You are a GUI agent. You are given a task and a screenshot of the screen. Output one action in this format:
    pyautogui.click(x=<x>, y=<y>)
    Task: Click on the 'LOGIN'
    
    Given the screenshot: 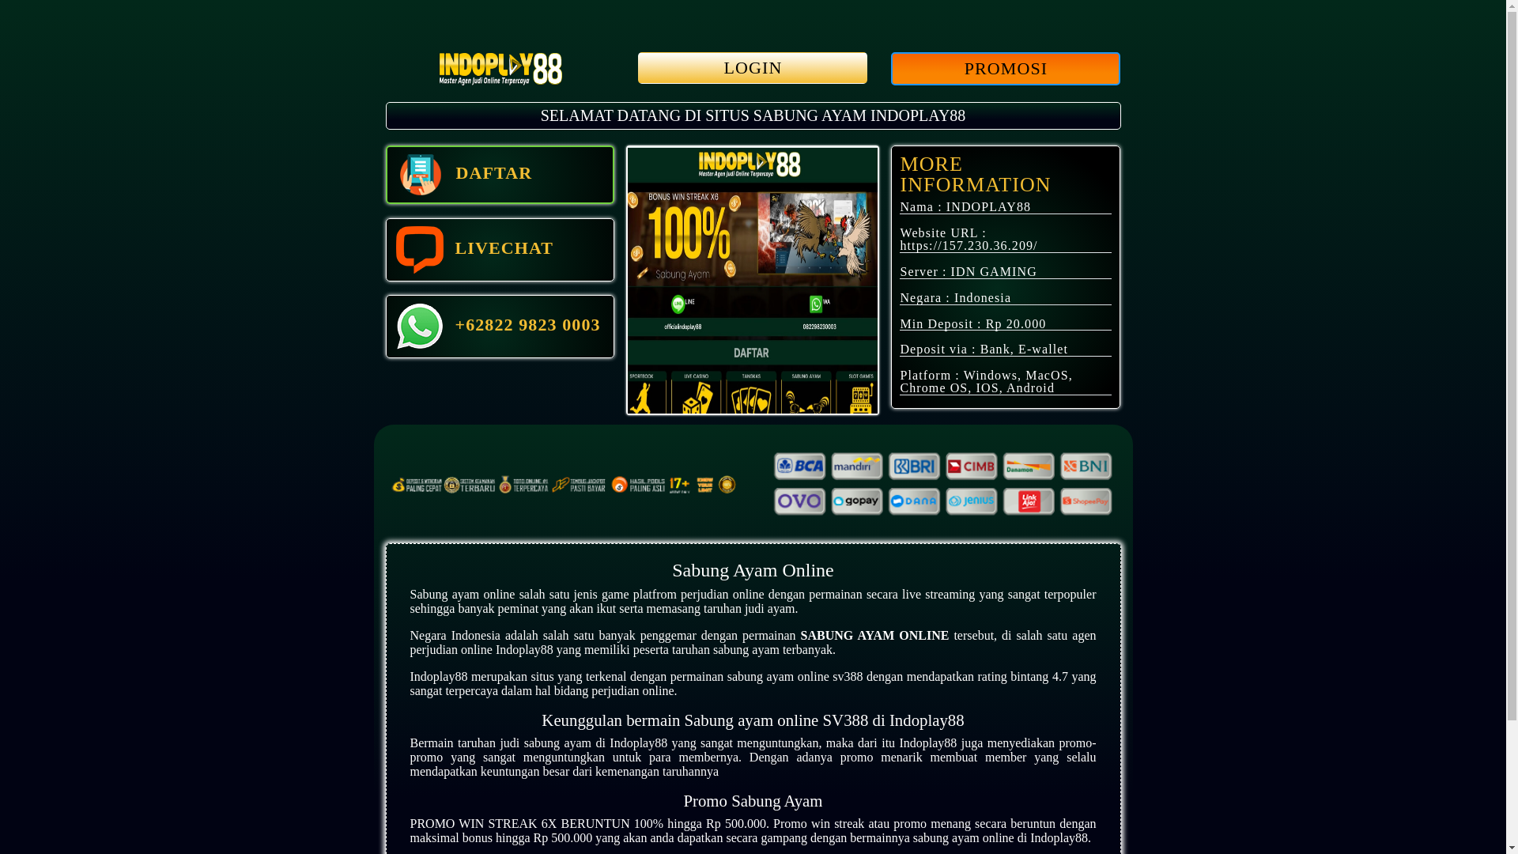 What is the action you would take?
    pyautogui.click(x=751, y=66)
    